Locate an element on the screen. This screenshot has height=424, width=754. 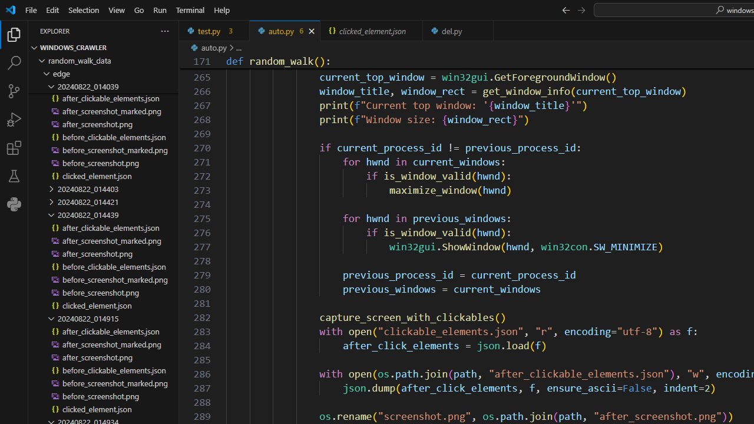
'Close (Ctrl+F4)' is located at coordinates (485, 30).